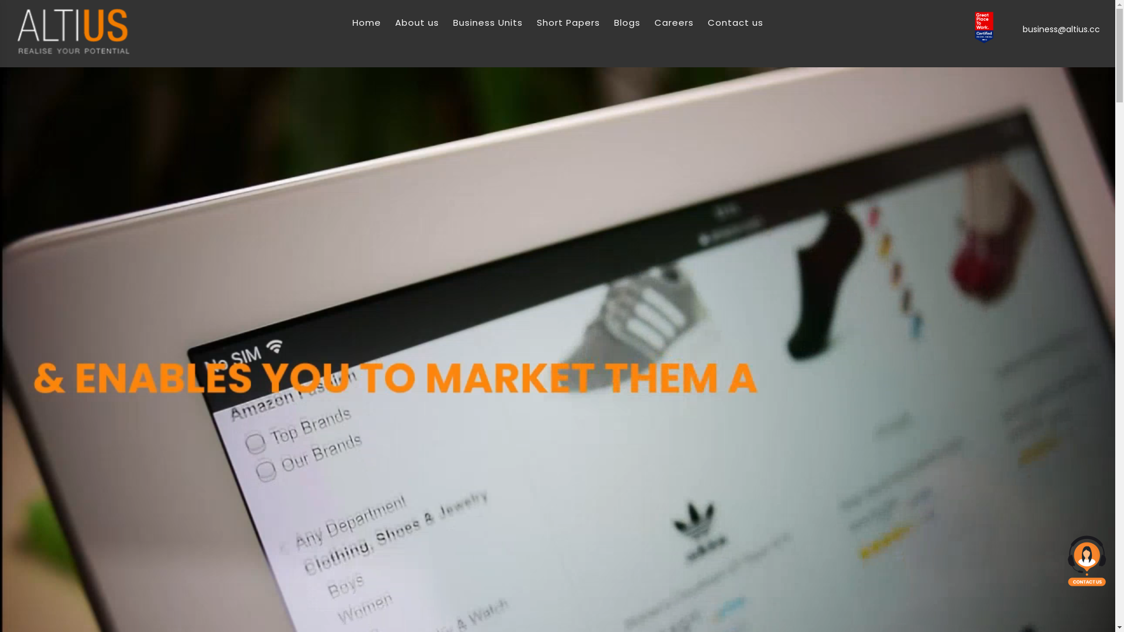 This screenshot has height=632, width=1124. Describe the element at coordinates (567, 22) in the screenshot. I see `'Short Papers'` at that location.